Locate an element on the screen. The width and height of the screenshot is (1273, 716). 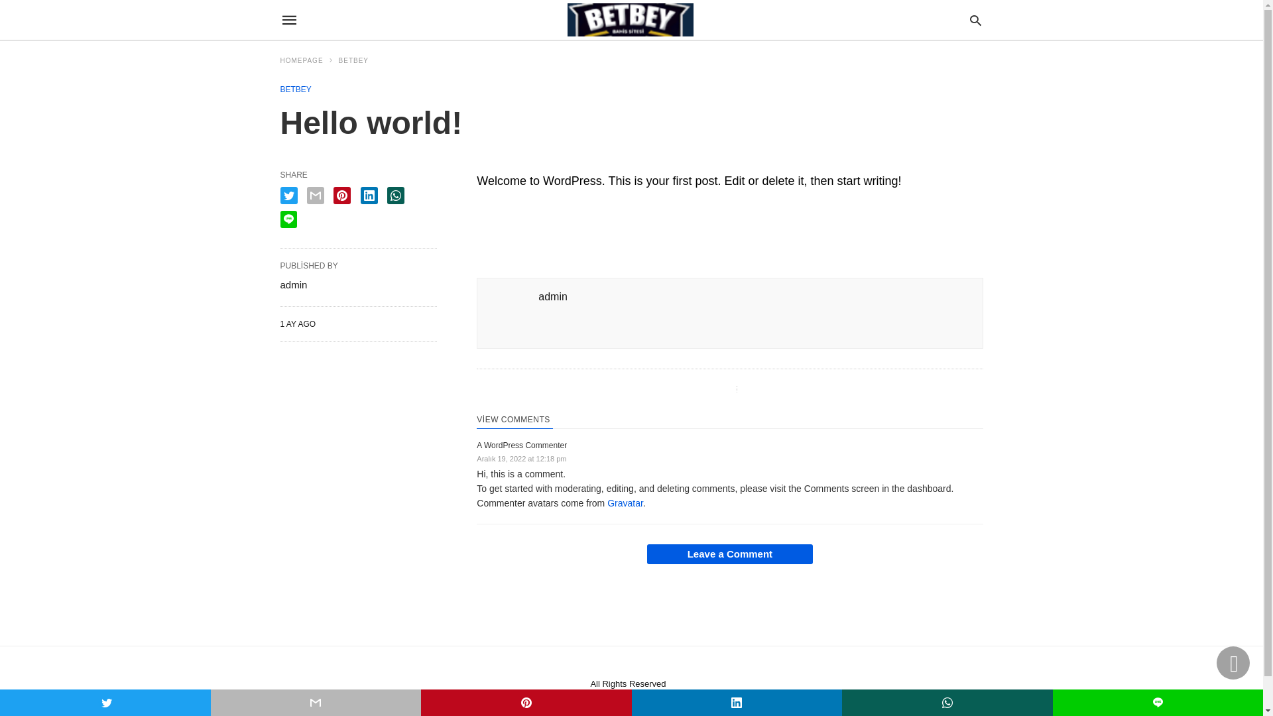
'BETBEY' is located at coordinates (353, 60).